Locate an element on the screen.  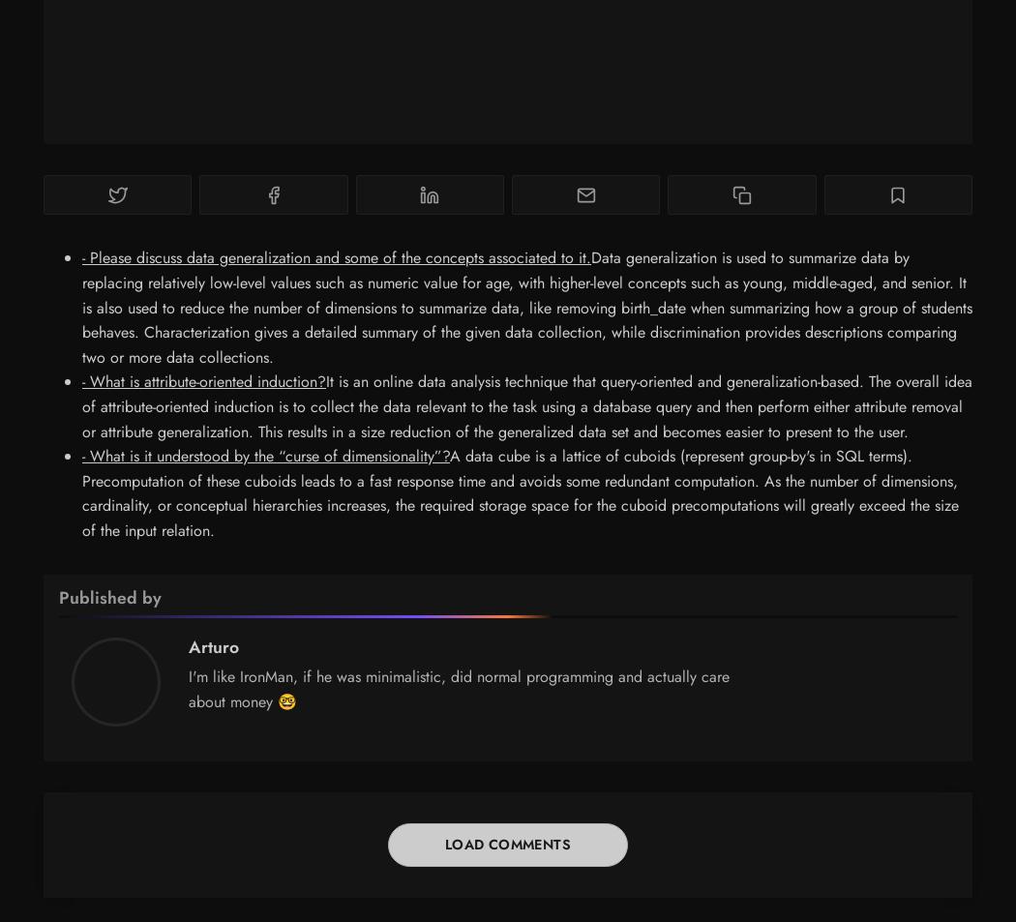
'Published by' is located at coordinates (109, 596).